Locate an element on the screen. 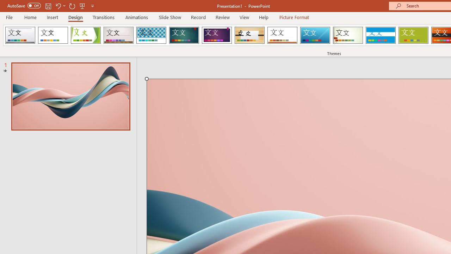 This screenshot has height=254, width=451. 'Facet' is located at coordinates (85, 35).